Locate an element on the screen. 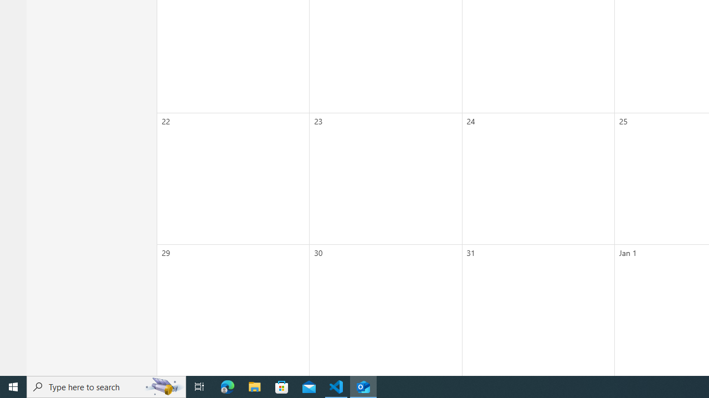 The image size is (709, 398). 'Microsoft Edge' is located at coordinates (227, 386).